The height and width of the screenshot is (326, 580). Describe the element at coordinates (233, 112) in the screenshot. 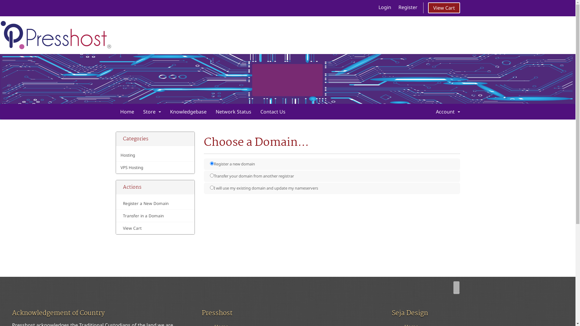

I see `'Network Status'` at that location.